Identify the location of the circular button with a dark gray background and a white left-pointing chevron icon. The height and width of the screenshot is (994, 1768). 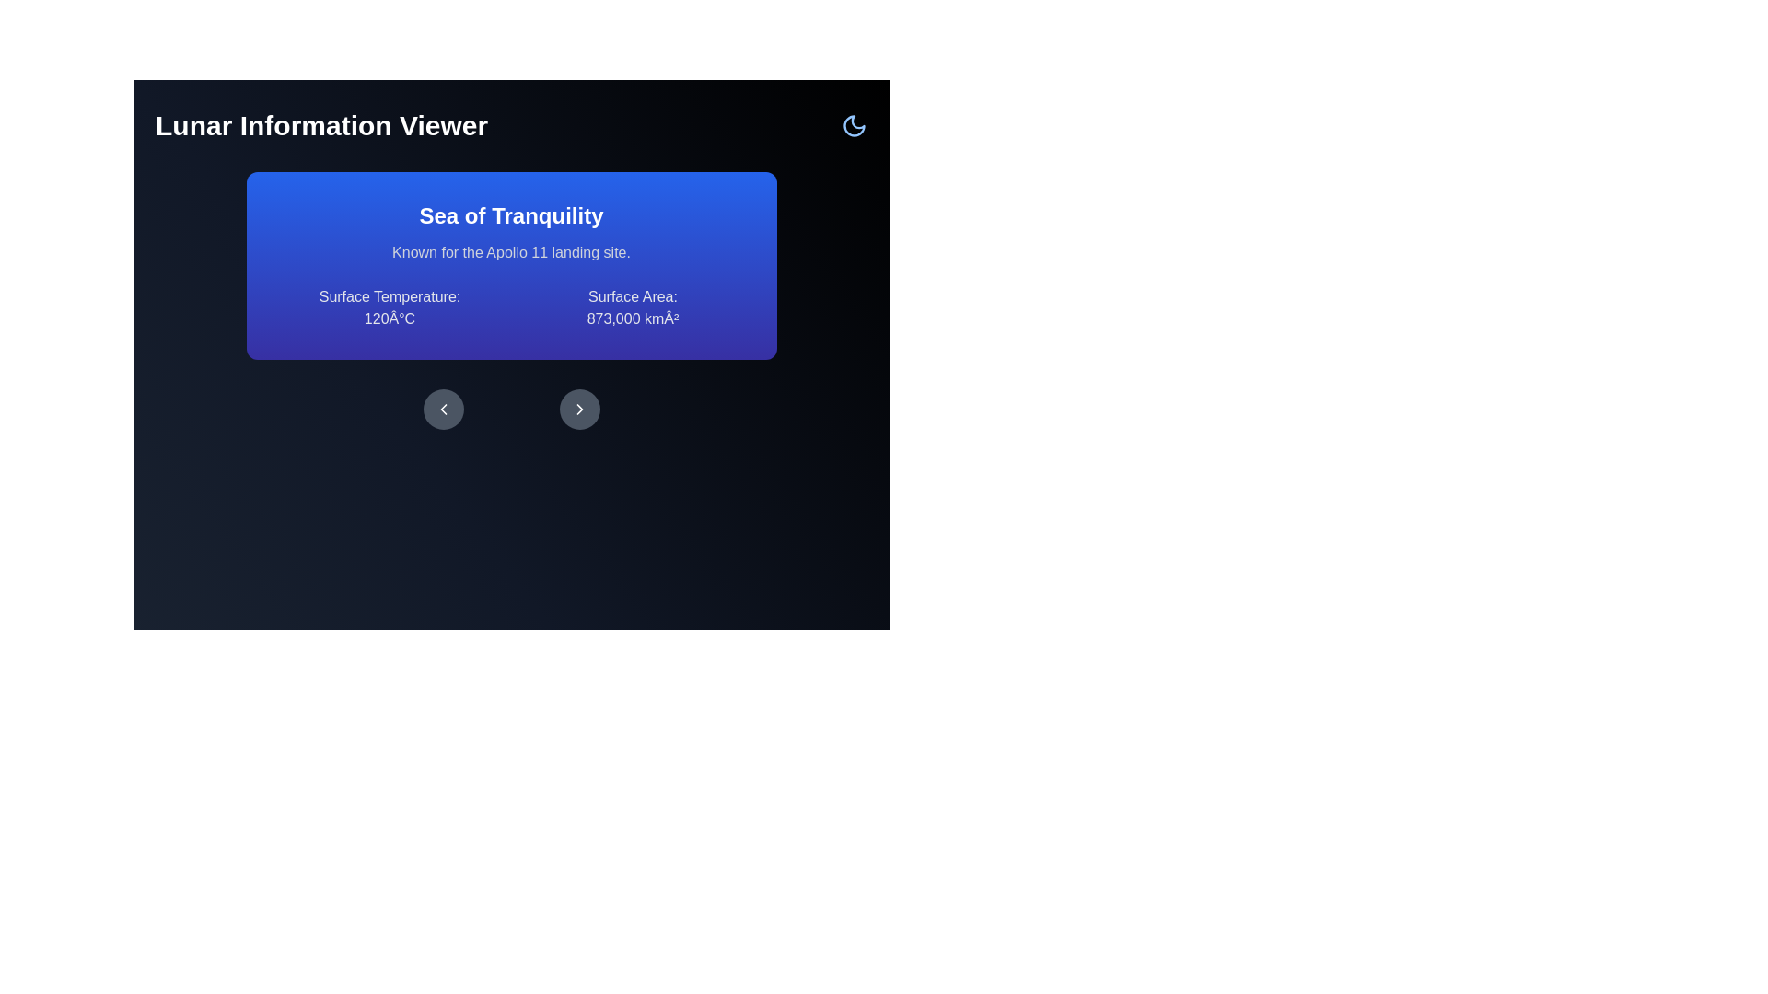
(443, 408).